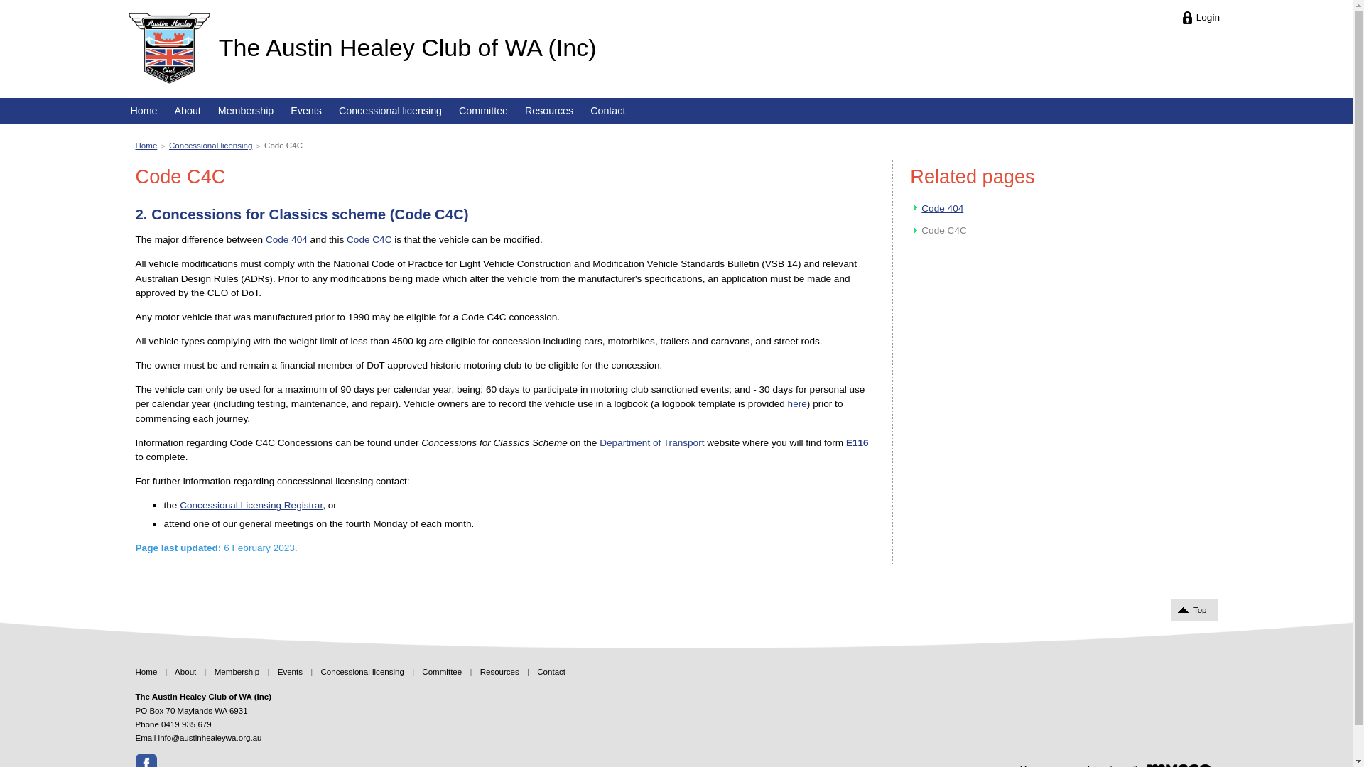  What do you see at coordinates (369, 239) in the screenshot?
I see `'Code C4C'` at bounding box center [369, 239].